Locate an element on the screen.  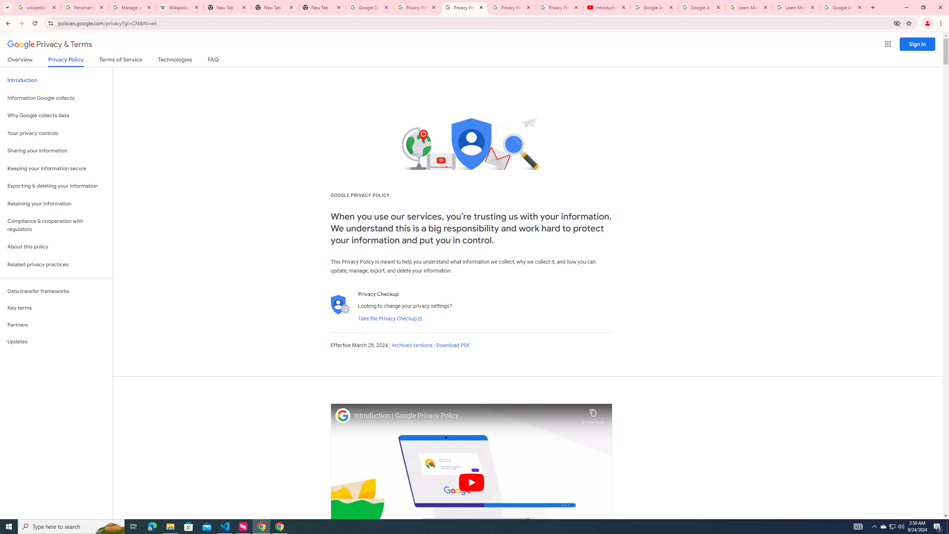
'Introduction' is located at coordinates (56, 80).